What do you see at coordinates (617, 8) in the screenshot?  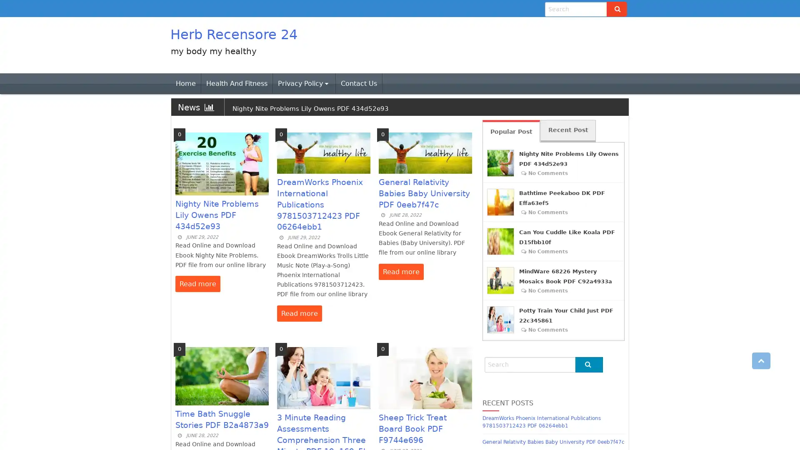 I see `Go` at bounding box center [617, 8].